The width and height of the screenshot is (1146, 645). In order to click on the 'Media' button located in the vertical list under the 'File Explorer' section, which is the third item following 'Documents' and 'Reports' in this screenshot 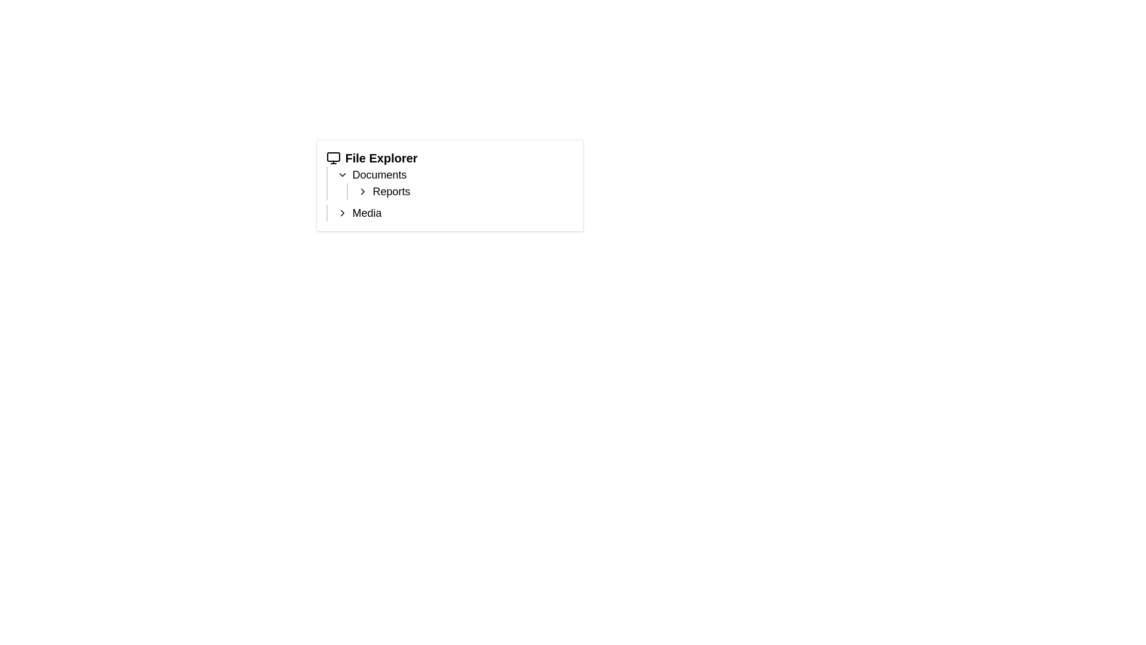, I will do `click(449, 213)`.